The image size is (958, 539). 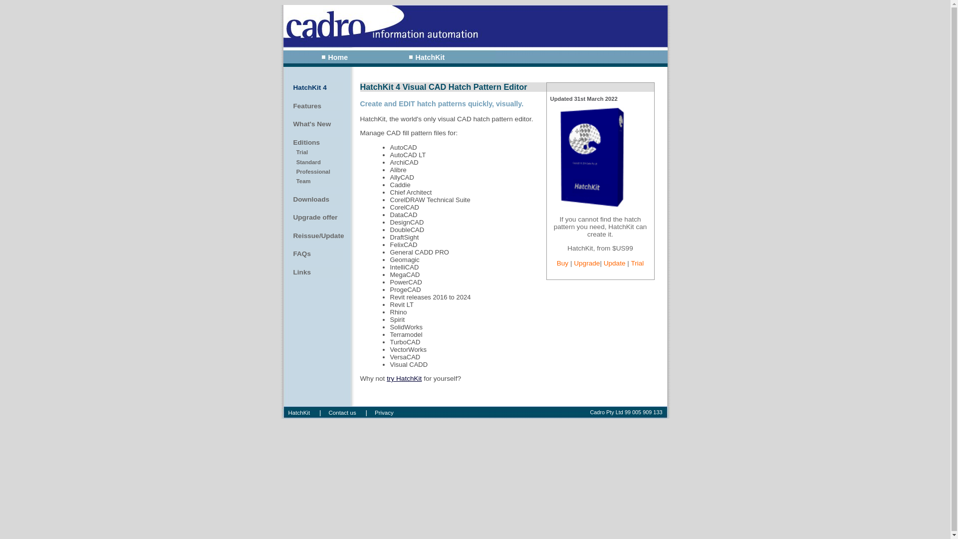 What do you see at coordinates (315, 217) in the screenshot?
I see `'Upgrade offer'` at bounding box center [315, 217].